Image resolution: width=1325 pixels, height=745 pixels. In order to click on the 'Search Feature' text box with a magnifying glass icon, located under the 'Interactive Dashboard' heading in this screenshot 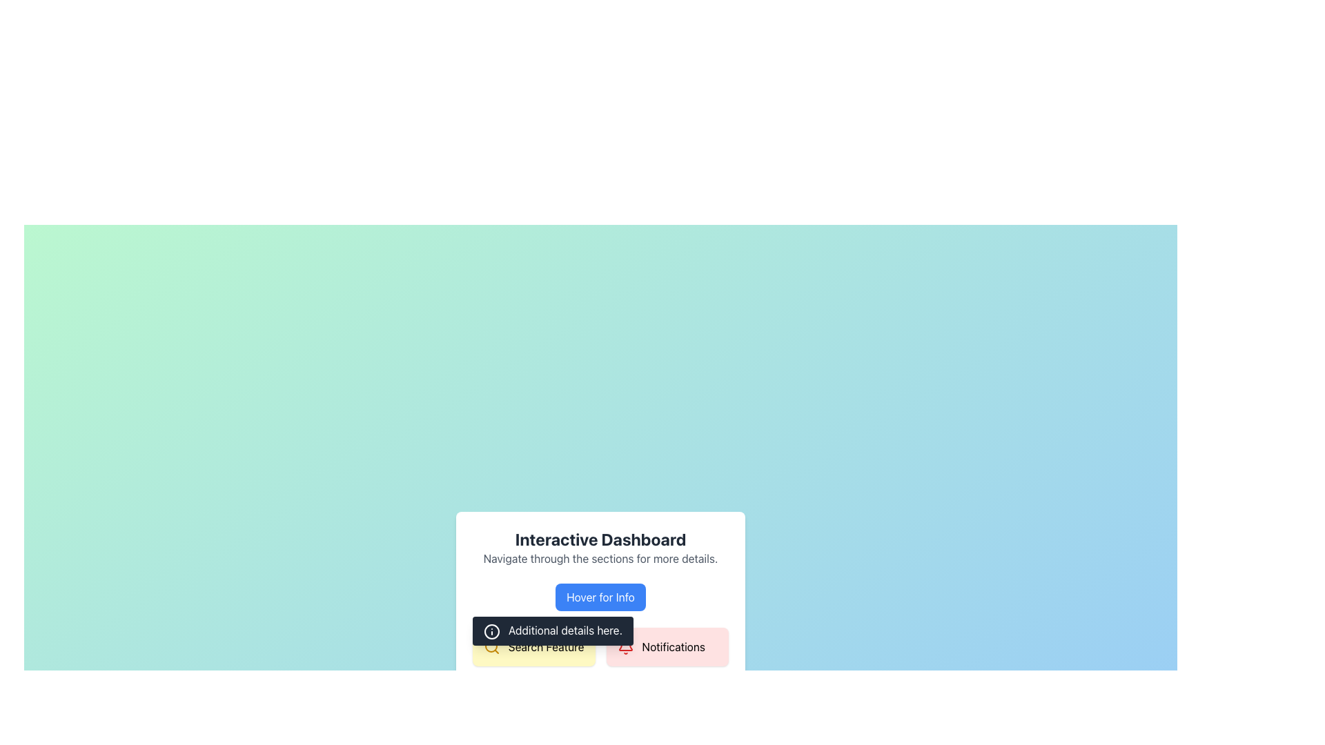, I will do `click(533, 646)`.